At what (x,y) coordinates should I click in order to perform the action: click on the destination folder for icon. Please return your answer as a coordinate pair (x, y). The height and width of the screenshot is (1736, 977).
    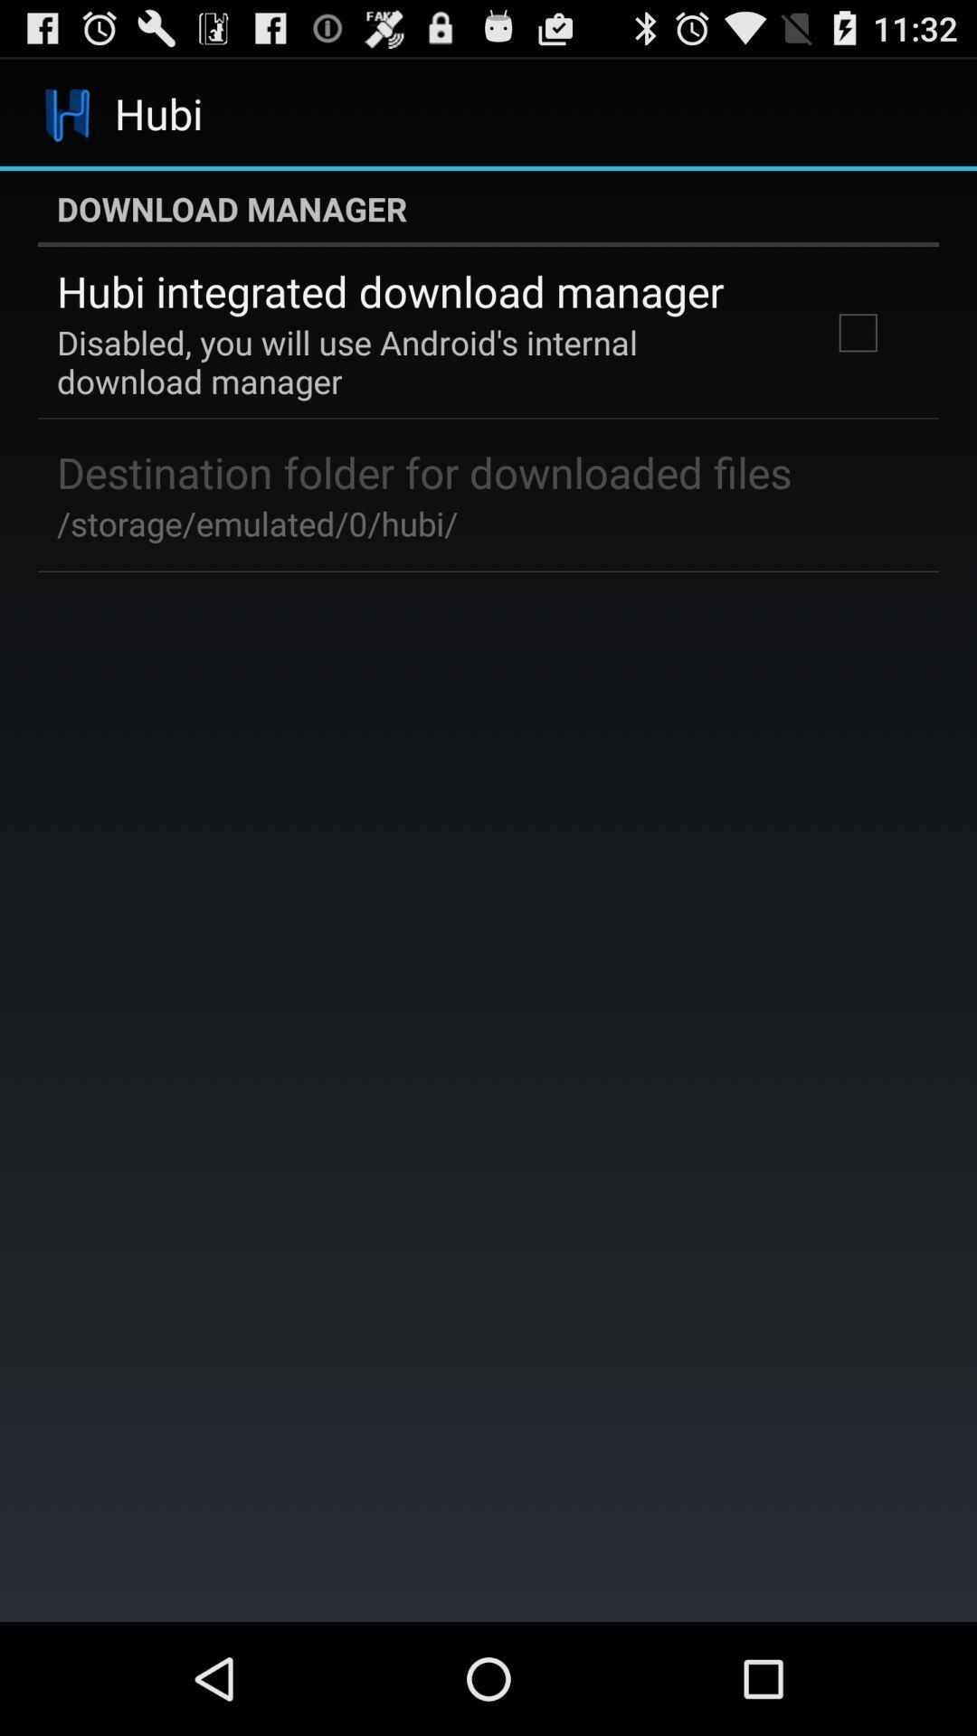
    Looking at the image, I should click on (424, 472).